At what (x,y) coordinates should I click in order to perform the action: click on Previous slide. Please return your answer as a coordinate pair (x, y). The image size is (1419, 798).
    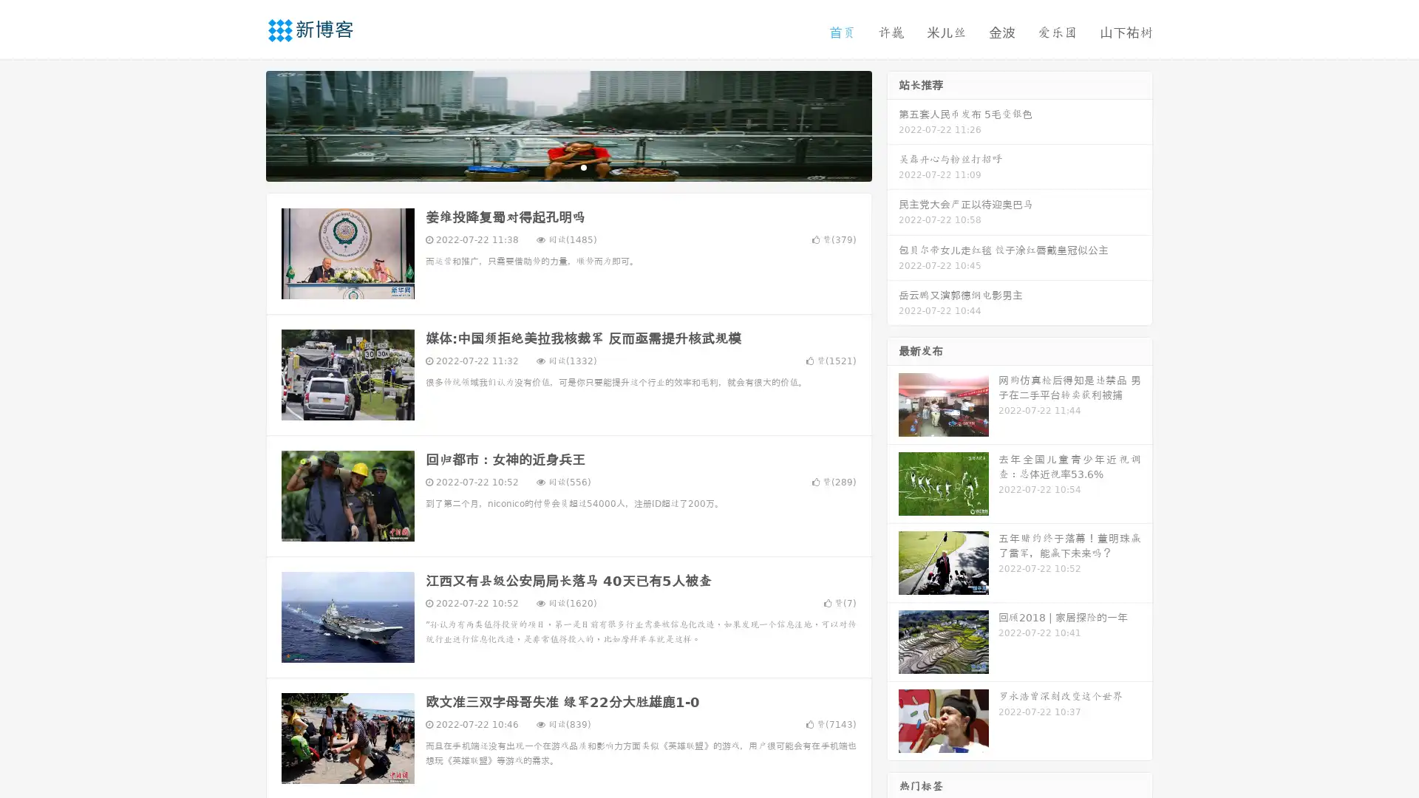
    Looking at the image, I should click on (244, 124).